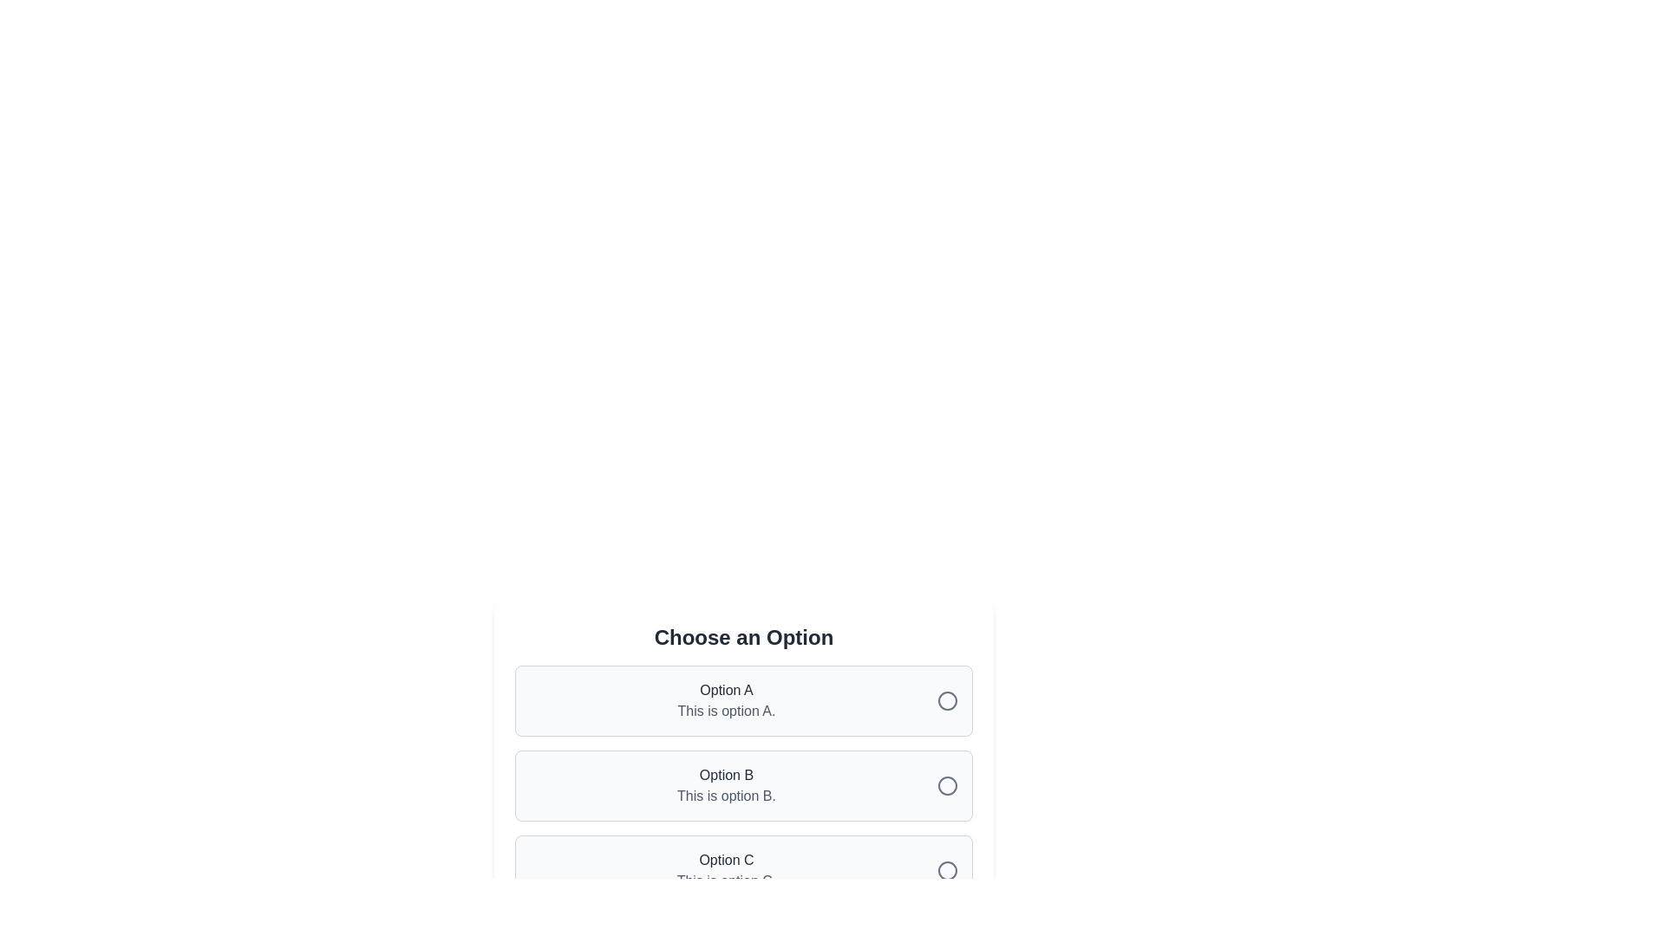 This screenshot has height=936, width=1665. I want to click on the SVG Circle Icon that indicates the status of the third selectable option labeled 'Option C', so click(947, 871).